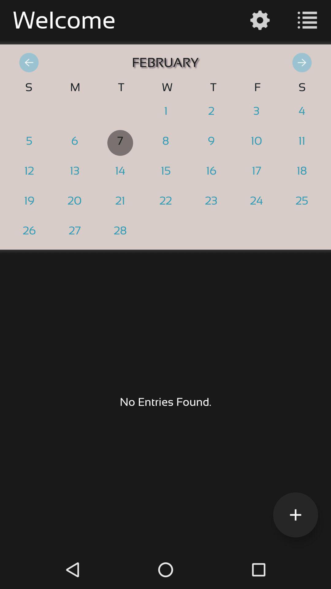  Describe the element at coordinates (305, 63) in the screenshot. I see `the arrow_forward icon` at that location.